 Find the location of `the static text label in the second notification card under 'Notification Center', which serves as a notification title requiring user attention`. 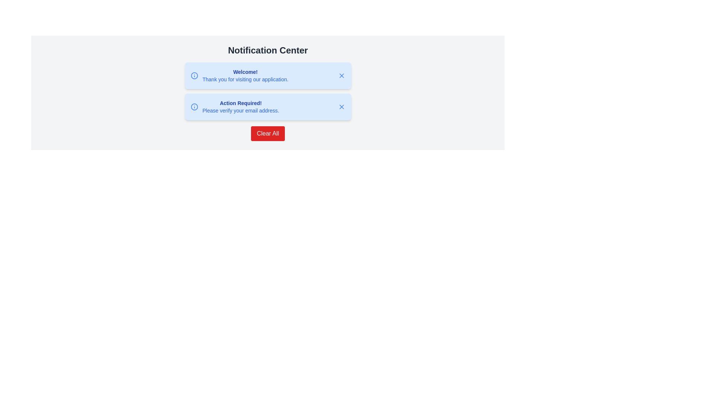

the static text label in the second notification card under 'Notification Center', which serves as a notification title requiring user attention is located at coordinates (241, 103).